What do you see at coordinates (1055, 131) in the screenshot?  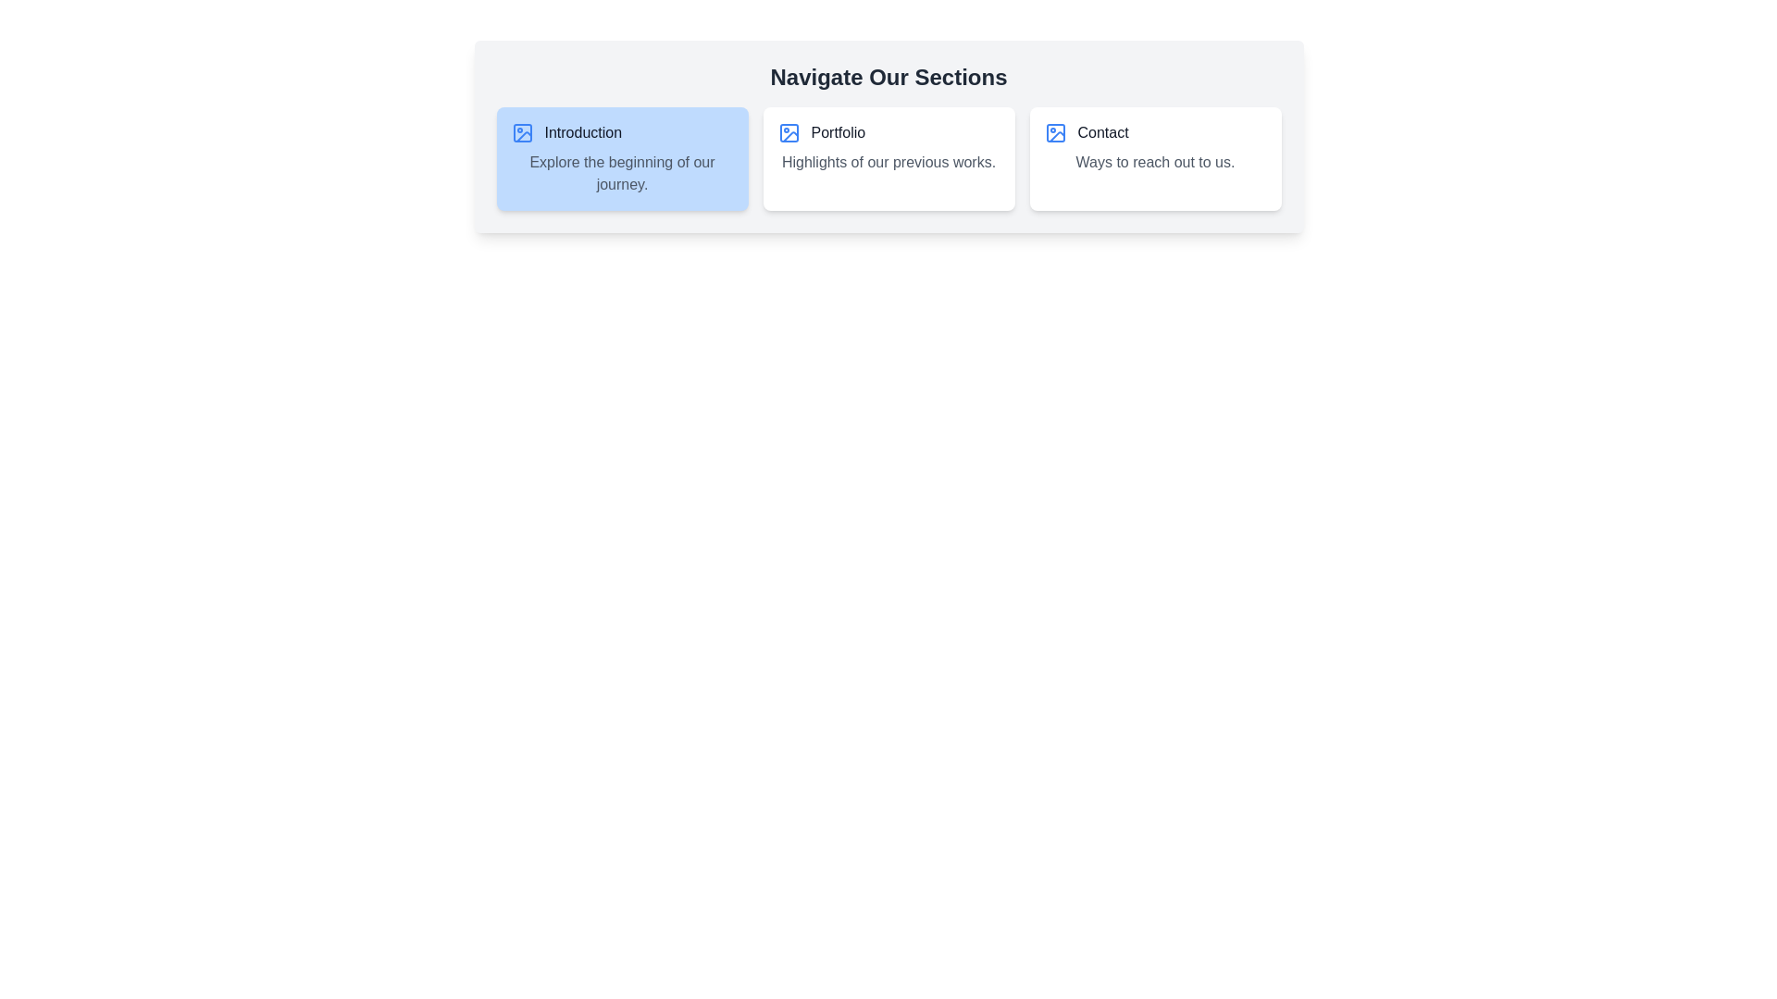 I see `the 'Contact' icon located to the left of the text 'Contact' within the card for recognition purposes` at bounding box center [1055, 131].